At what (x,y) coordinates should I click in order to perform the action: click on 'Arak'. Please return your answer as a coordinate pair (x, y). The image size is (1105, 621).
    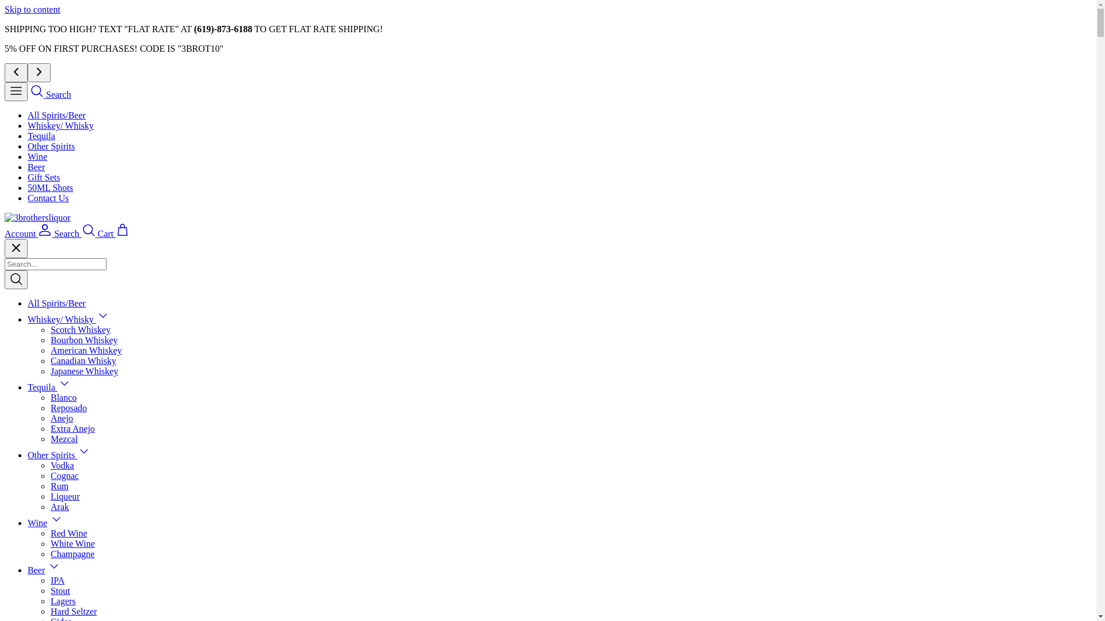
    Looking at the image, I should click on (59, 506).